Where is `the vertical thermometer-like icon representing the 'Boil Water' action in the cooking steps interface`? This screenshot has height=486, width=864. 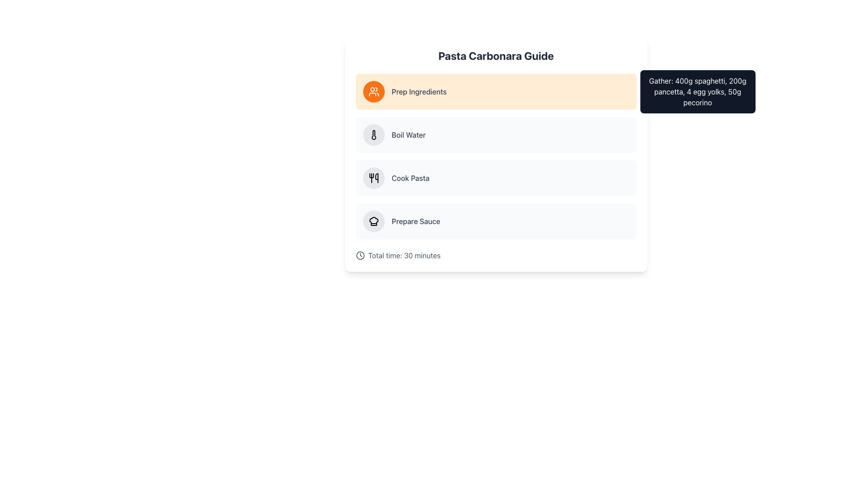 the vertical thermometer-like icon representing the 'Boil Water' action in the cooking steps interface is located at coordinates (373, 135).